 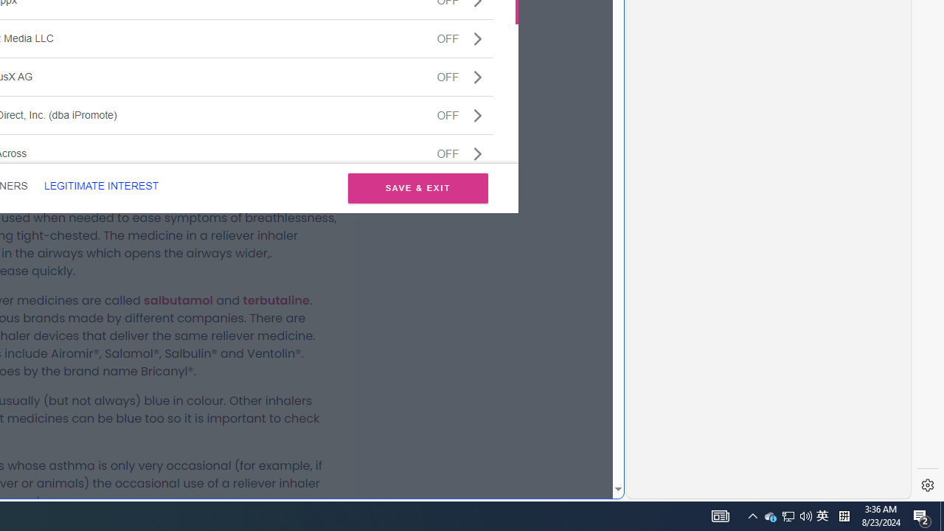 I want to click on 'LEGITIMATE INTEREST', so click(x=100, y=184).